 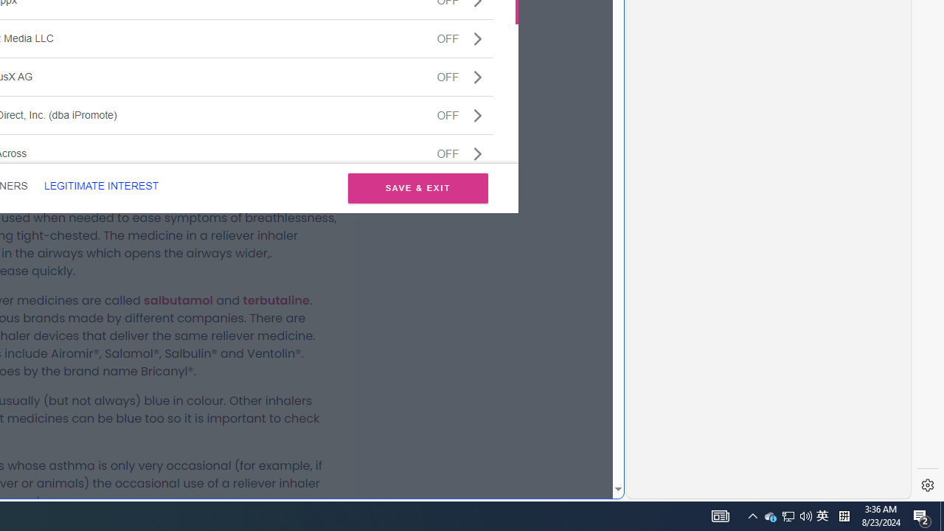 I want to click on 'LEGITIMATE INTEREST', so click(x=100, y=184).